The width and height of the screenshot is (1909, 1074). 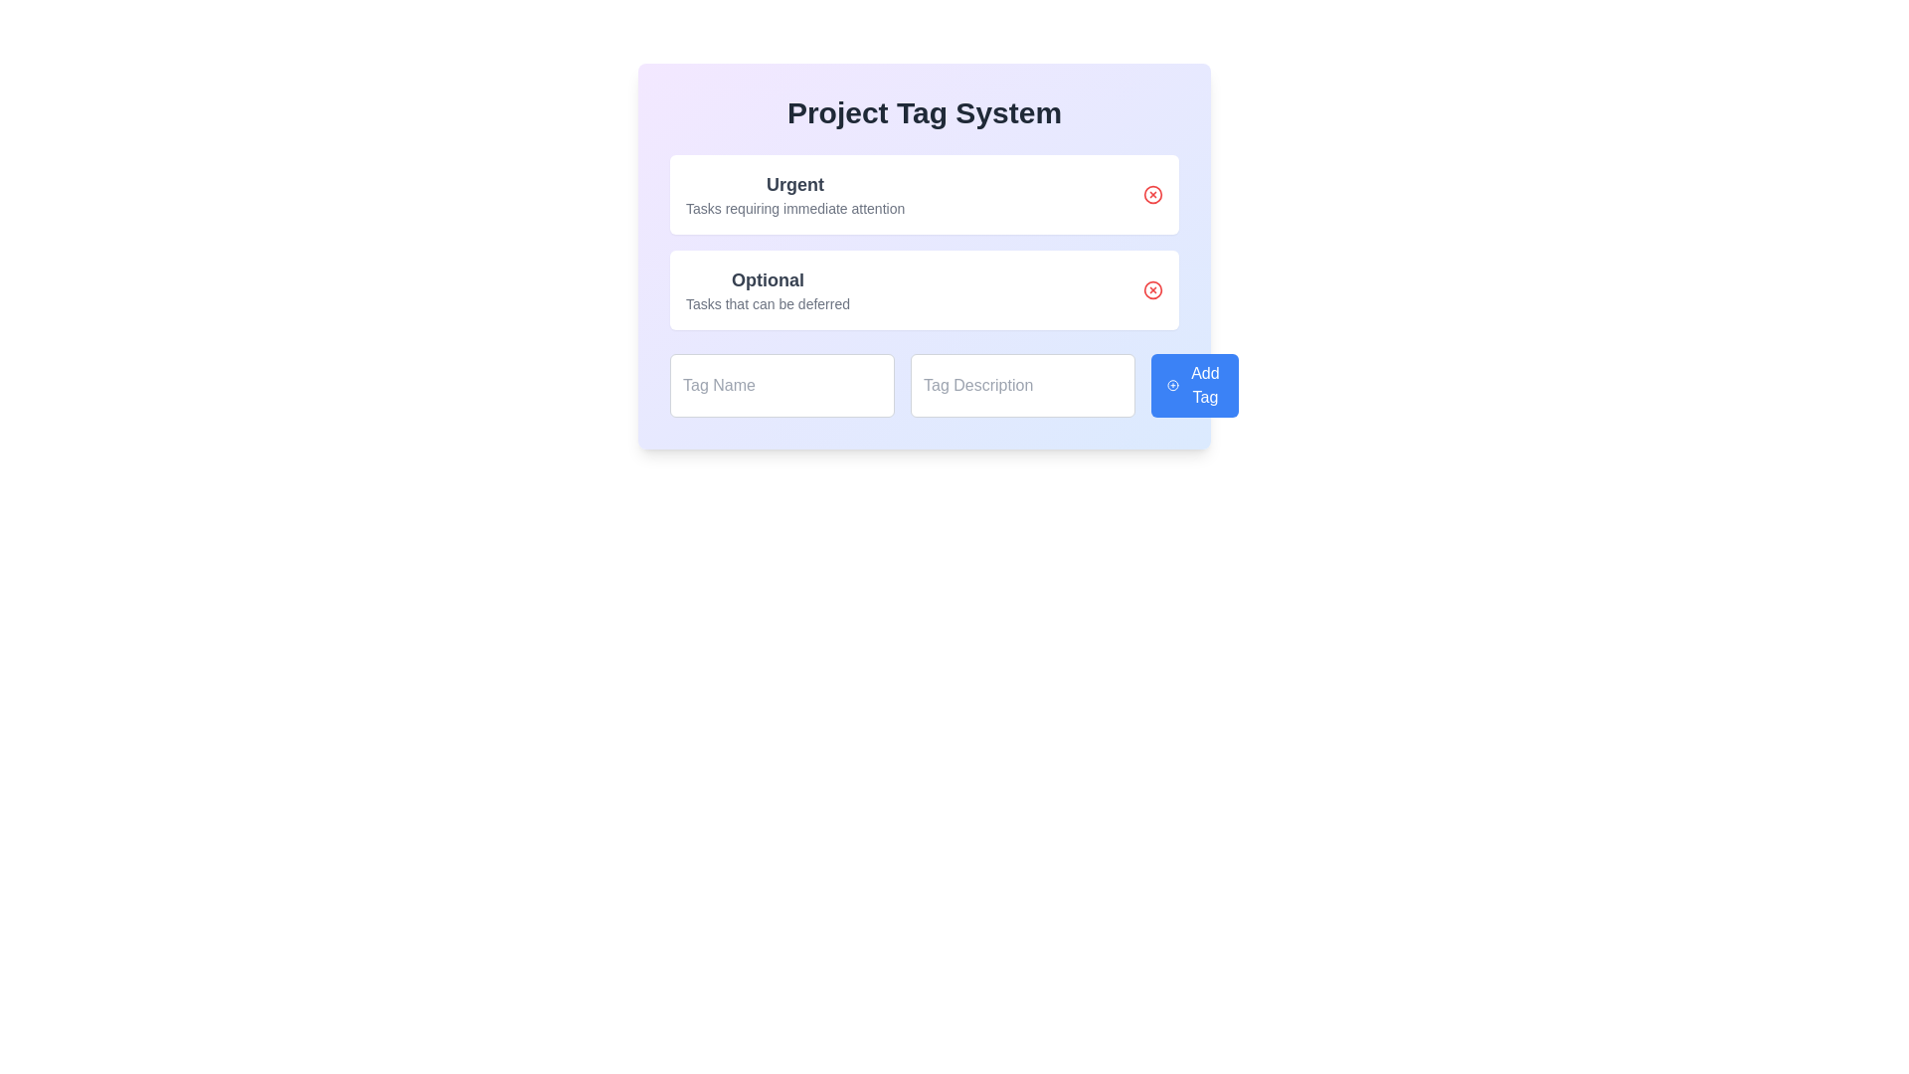 I want to click on the Descriptive Text Block that indicates the category with 'Optional' and 'Tasks that can be deferred' text, so click(x=767, y=290).